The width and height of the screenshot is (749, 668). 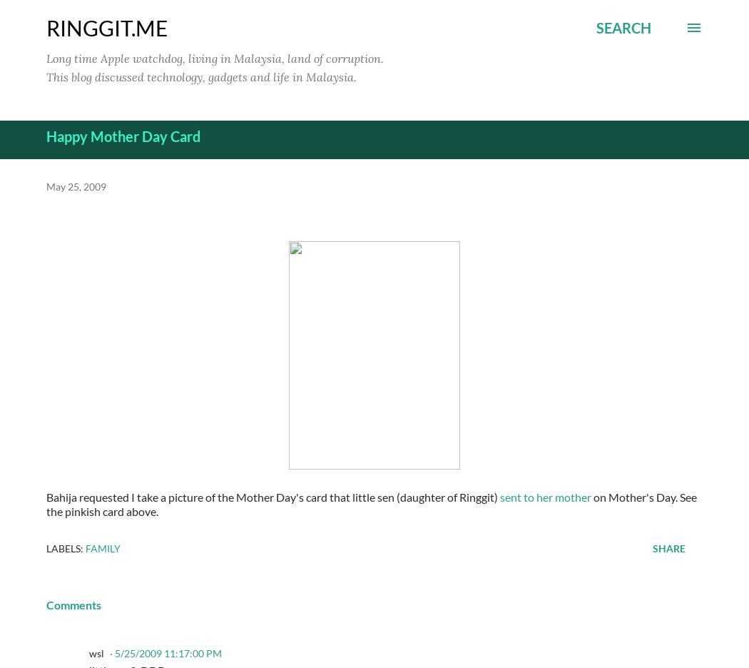 What do you see at coordinates (85, 547) in the screenshot?
I see `'family'` at bounding box center [85, 547].